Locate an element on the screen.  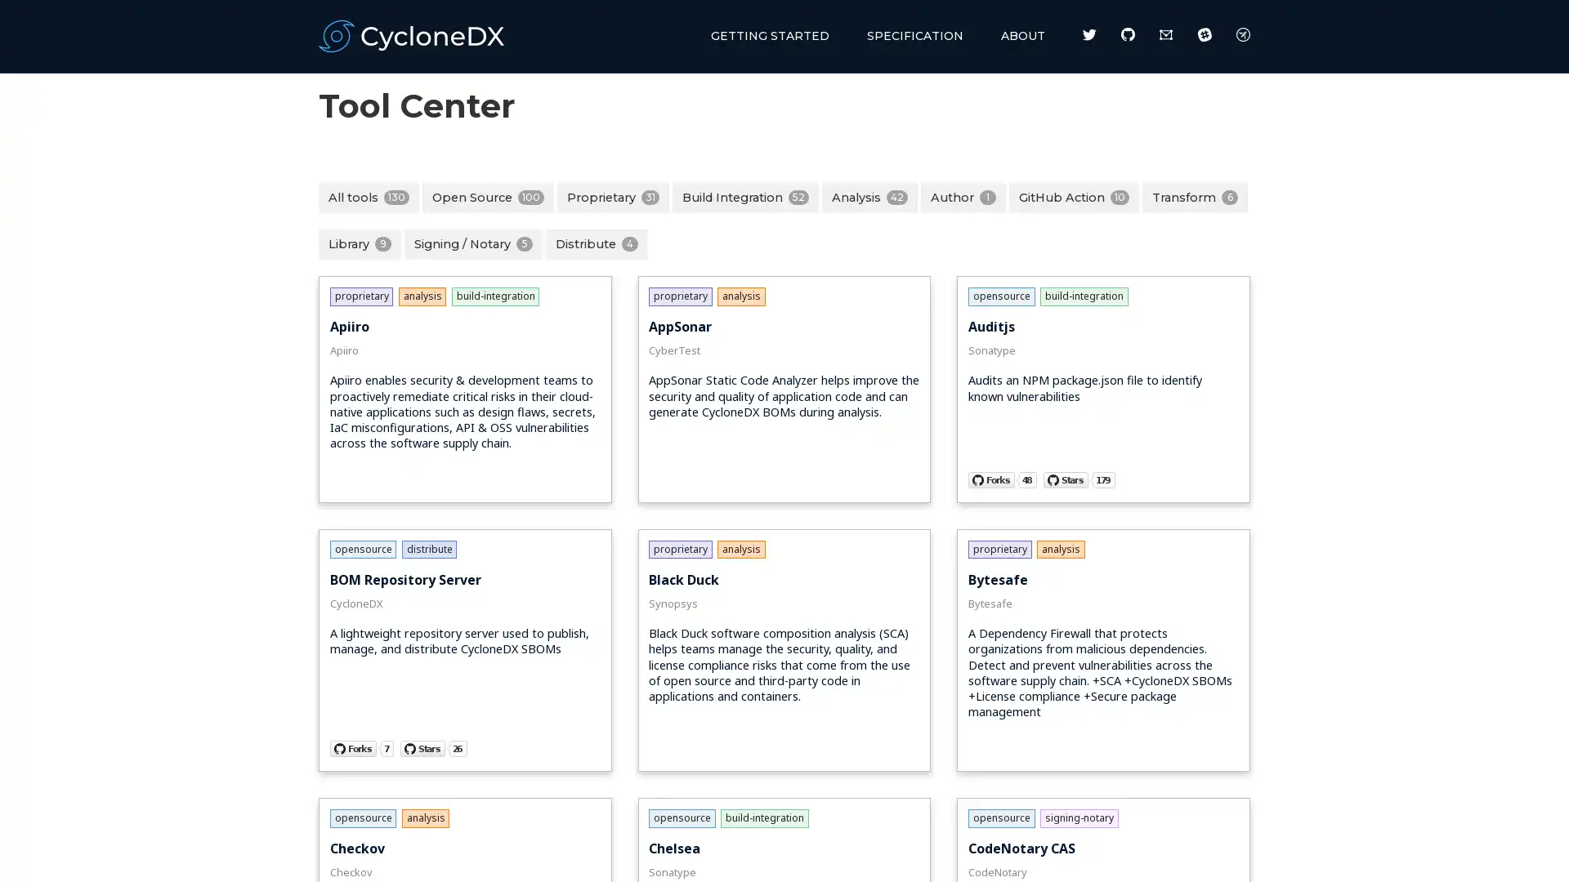
Author 1 is located at coordinates (963, 196).